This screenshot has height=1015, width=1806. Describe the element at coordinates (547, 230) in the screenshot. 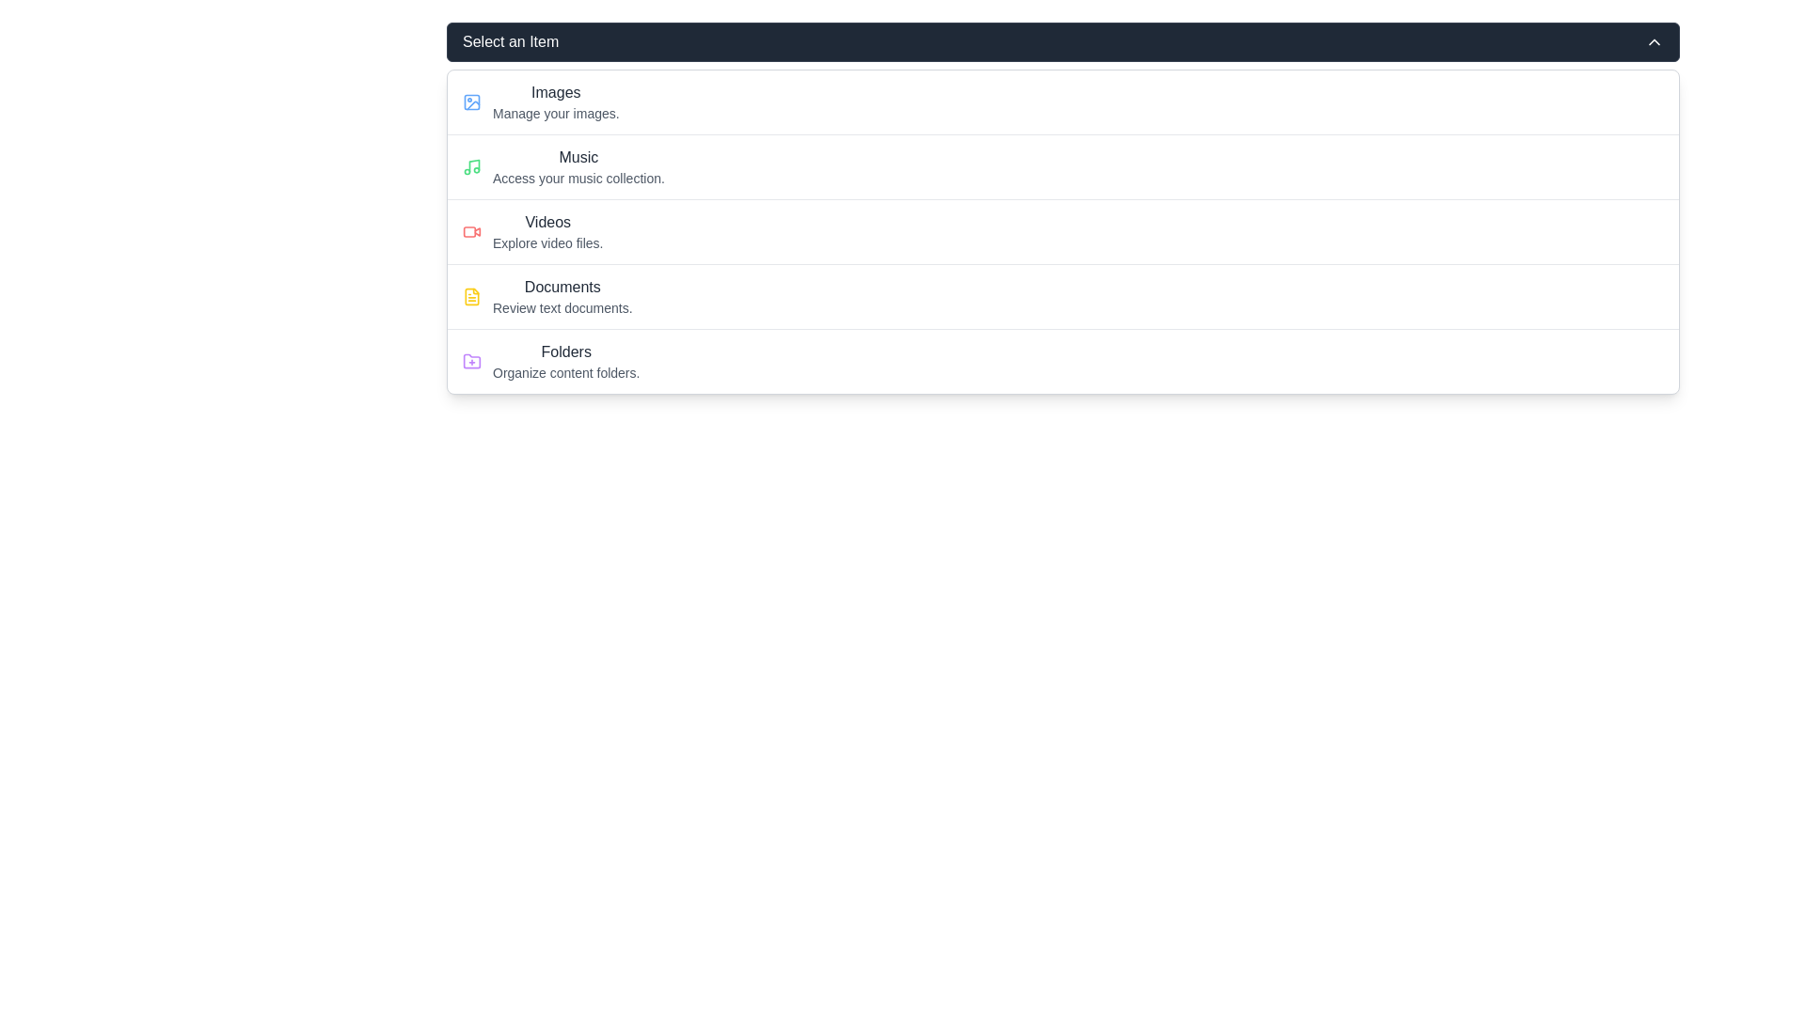

I see `the list item titled 'Videos'` at that location.